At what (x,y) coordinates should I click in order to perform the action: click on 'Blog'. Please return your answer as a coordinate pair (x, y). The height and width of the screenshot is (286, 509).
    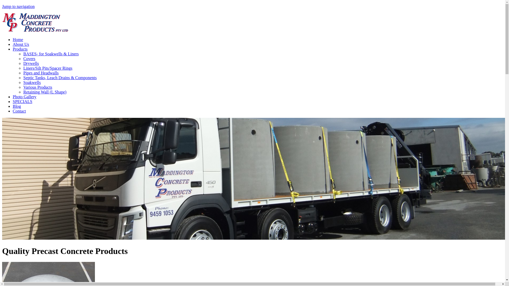
    Looking at the image, I should click on (17, 106).